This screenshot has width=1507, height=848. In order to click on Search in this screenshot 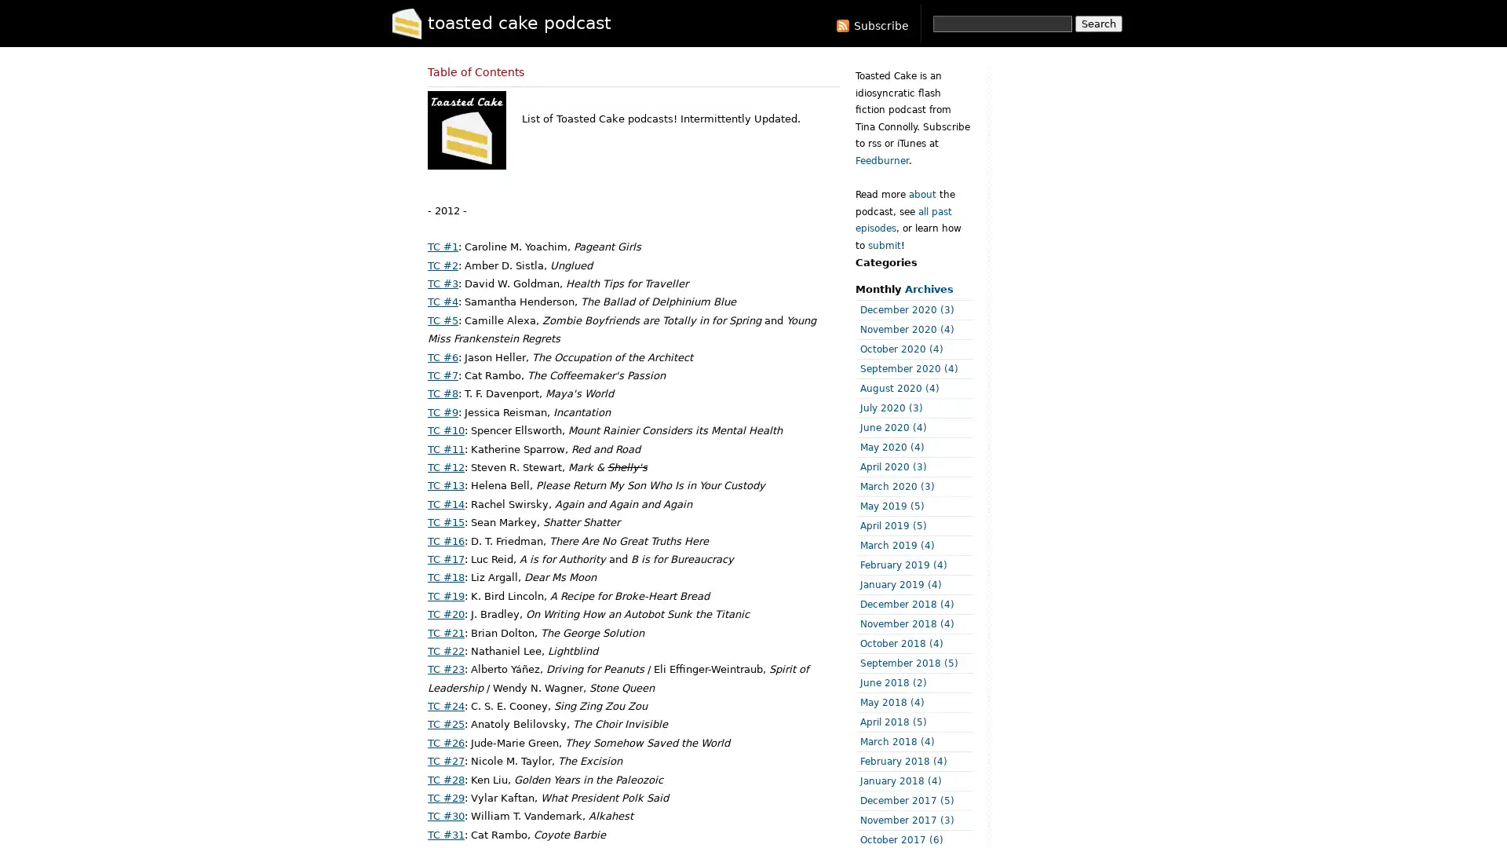, I will do `click(1098, 24)`.